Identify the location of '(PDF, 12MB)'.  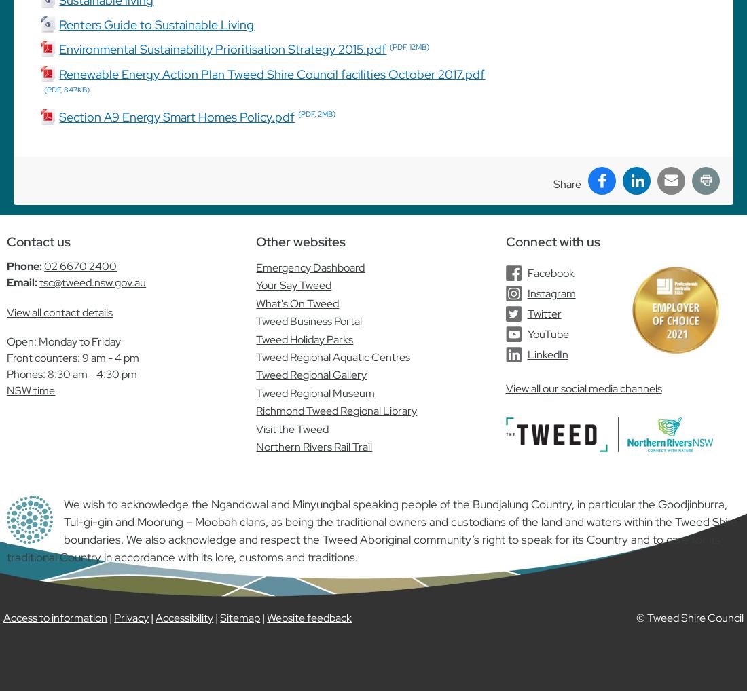
(409, 47).